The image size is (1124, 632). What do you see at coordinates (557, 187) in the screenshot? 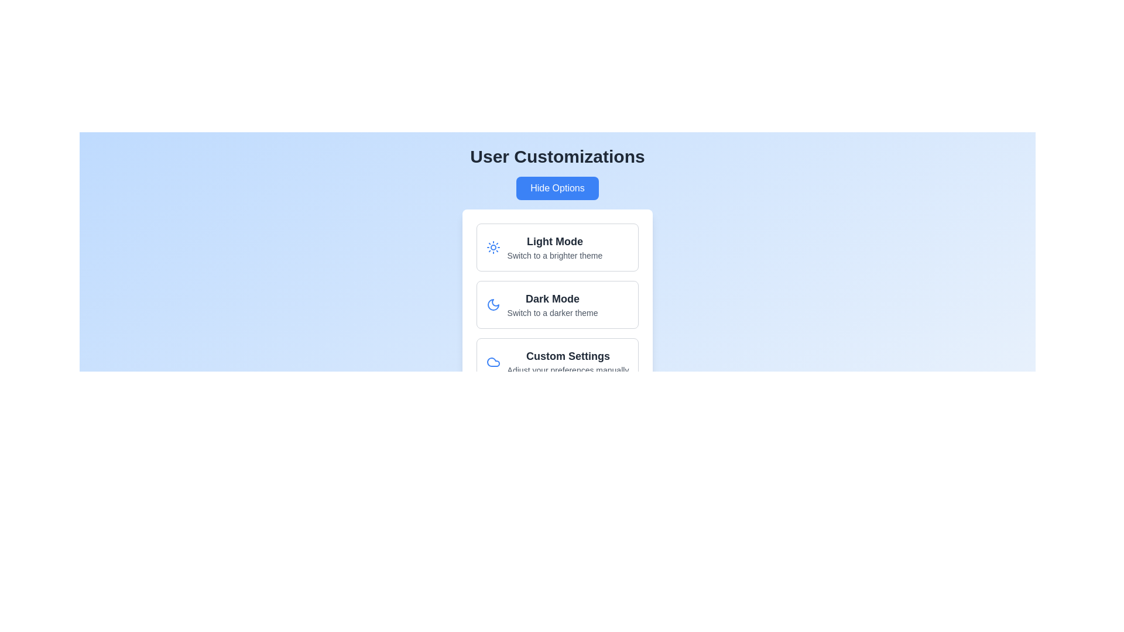
I see `the 'Hide Options' button to toggle the visibility of the options menu` at bounding box center [557, 187].